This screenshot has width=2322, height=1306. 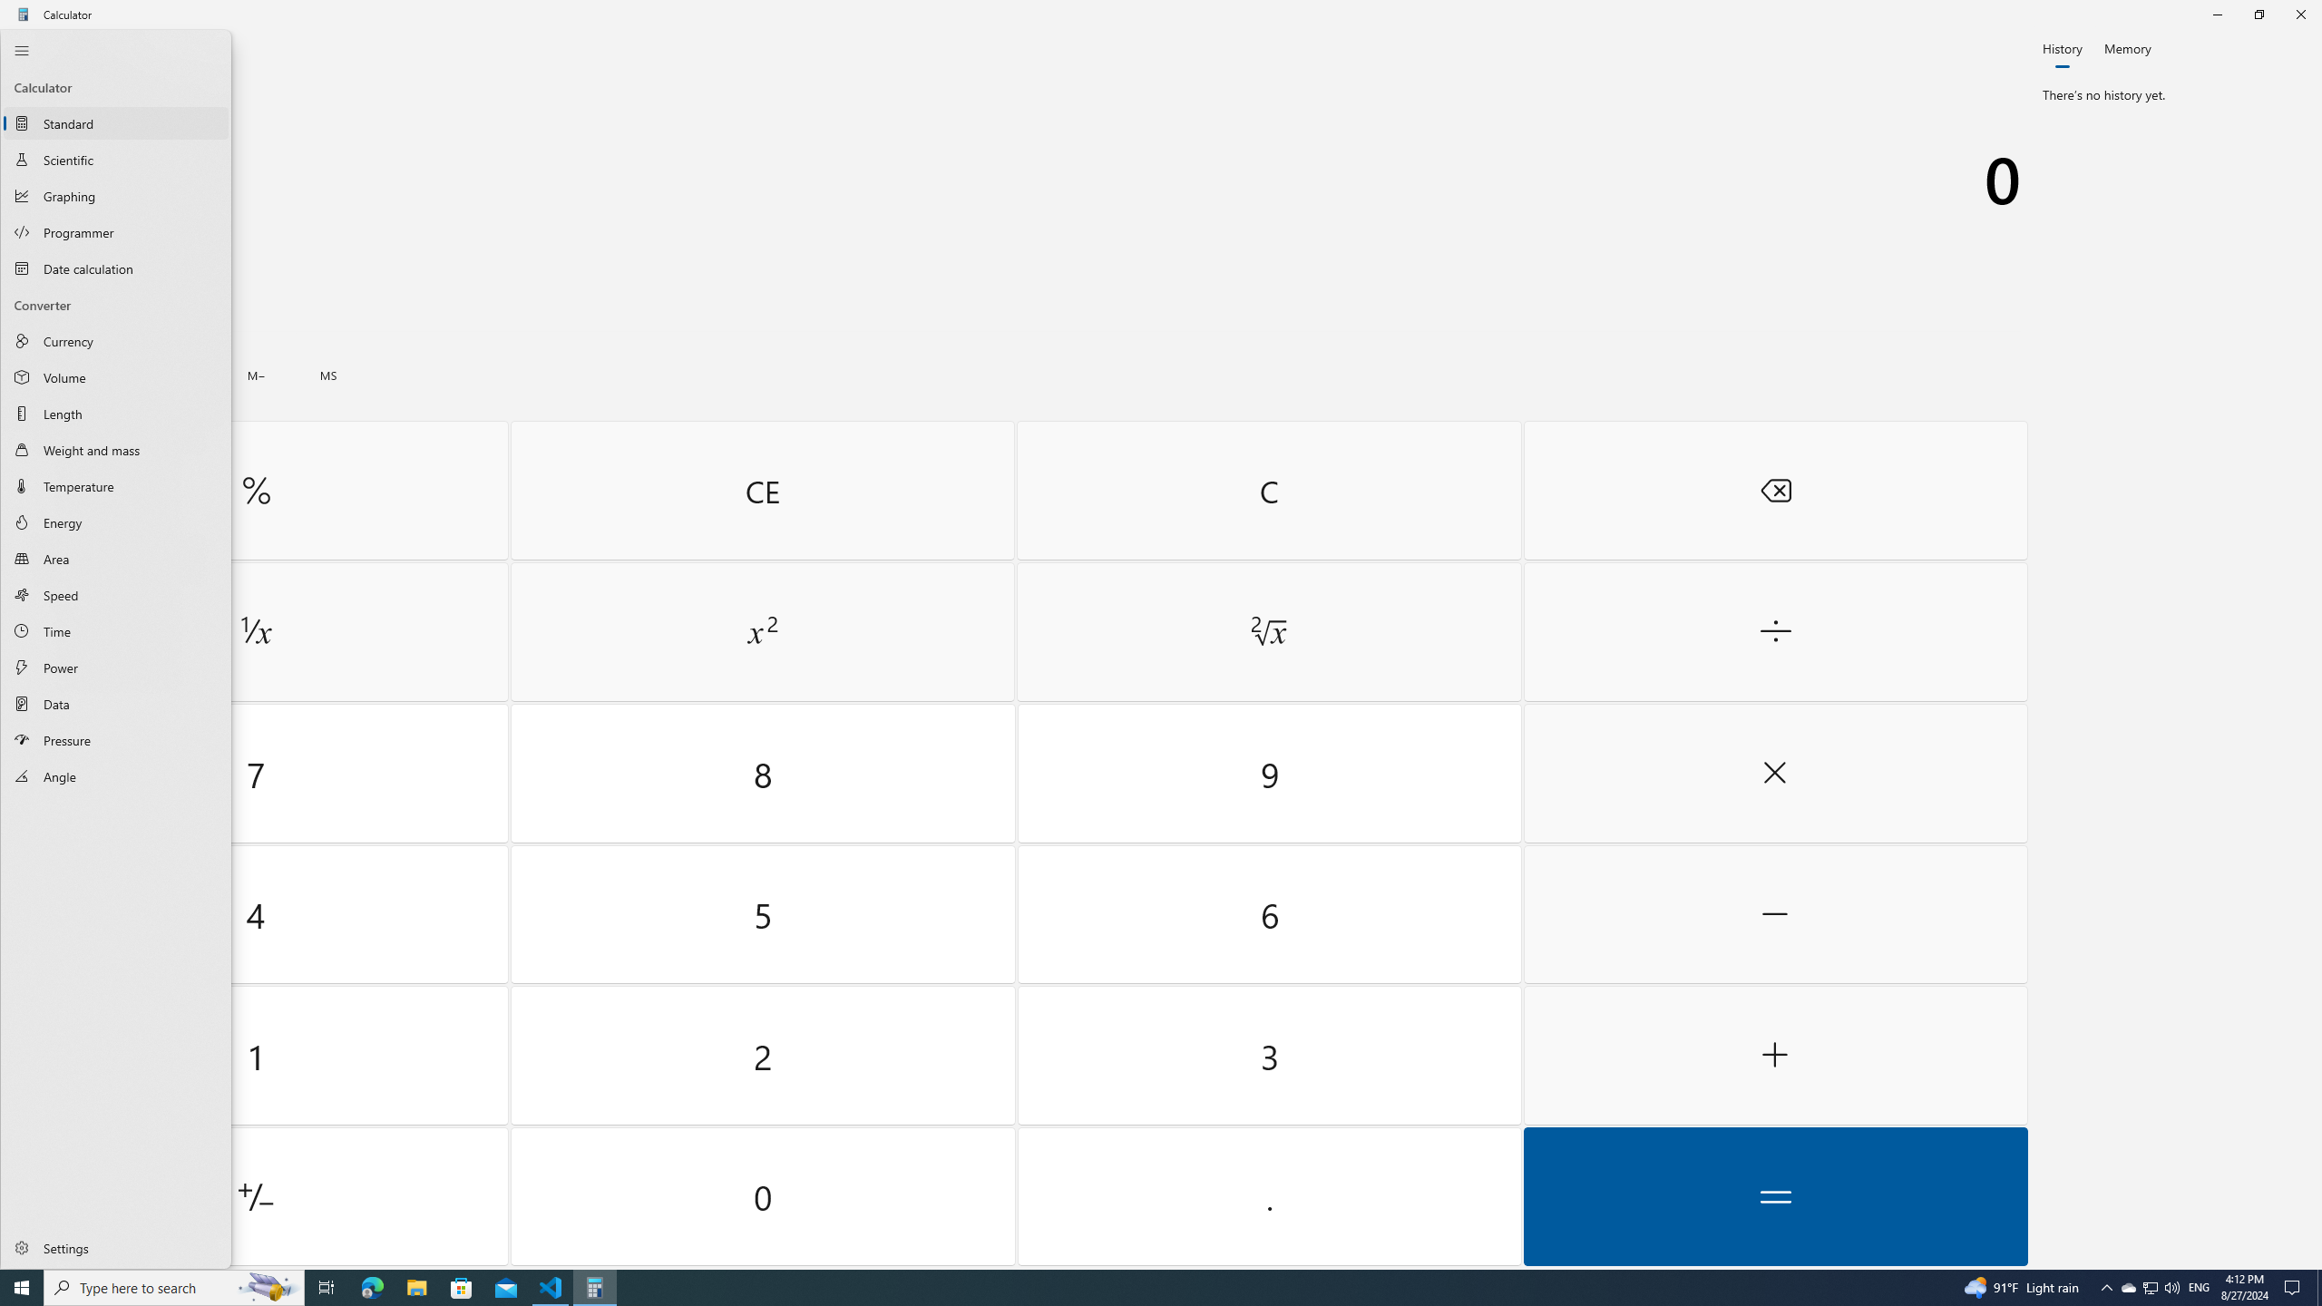 I want to click on 'One', so click(x=255, y=1056).